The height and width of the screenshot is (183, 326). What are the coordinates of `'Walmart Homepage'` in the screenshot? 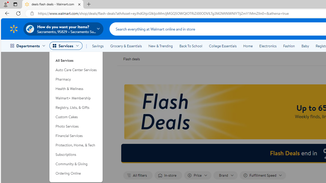 It's located at (13, 29).